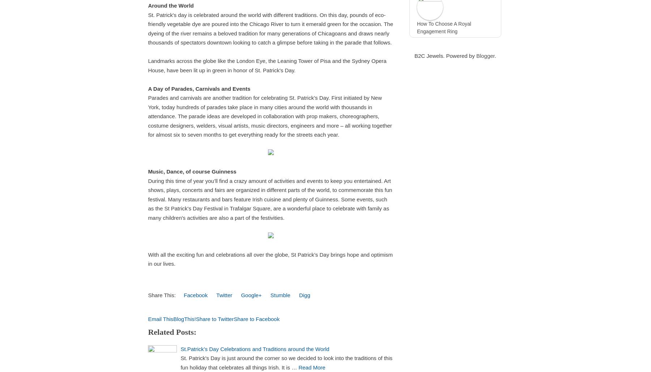 Image resolution: width=651 pixels, height=372 pixels. What do you see at coordinates (192, 171) in the screenshot?
I see `'Music, Dance, of course Guinness'` at bounding box center [192, 171].